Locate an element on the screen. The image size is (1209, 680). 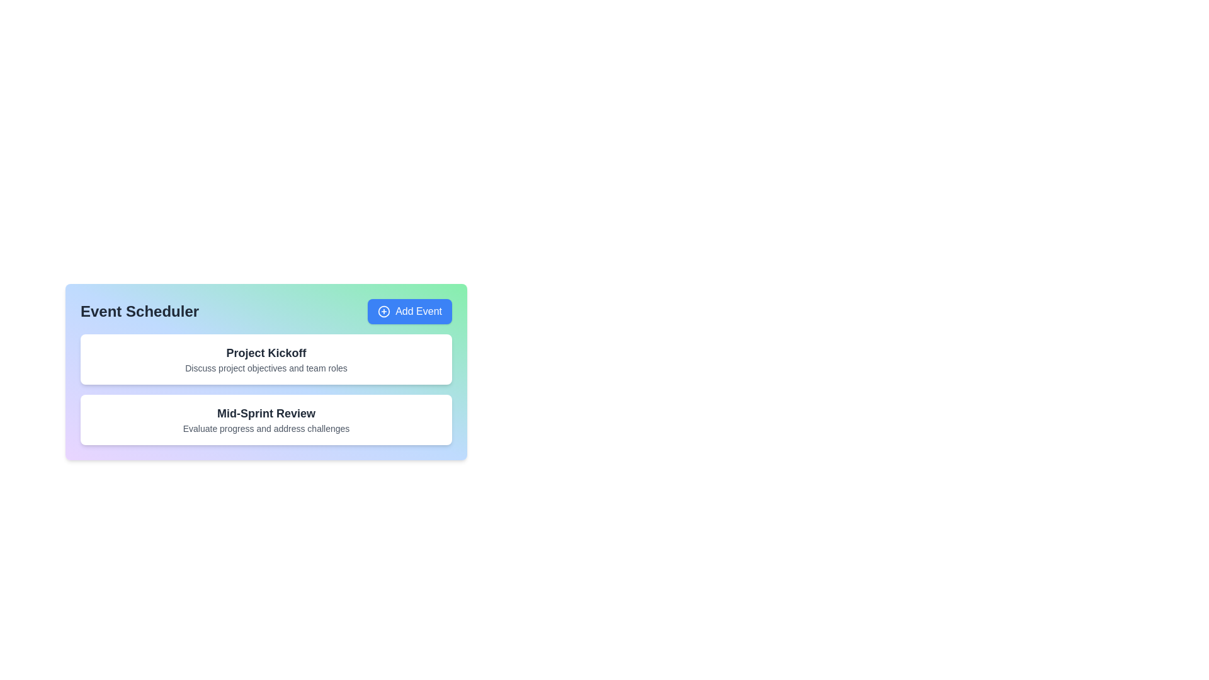
the Icon (Circle with a cross) located inside the 'Add Event' button, which has a blue background and rounded corners, positioned in the top-right corner of the 'Event Scheduler' panel is located at coordinates (383, 311).